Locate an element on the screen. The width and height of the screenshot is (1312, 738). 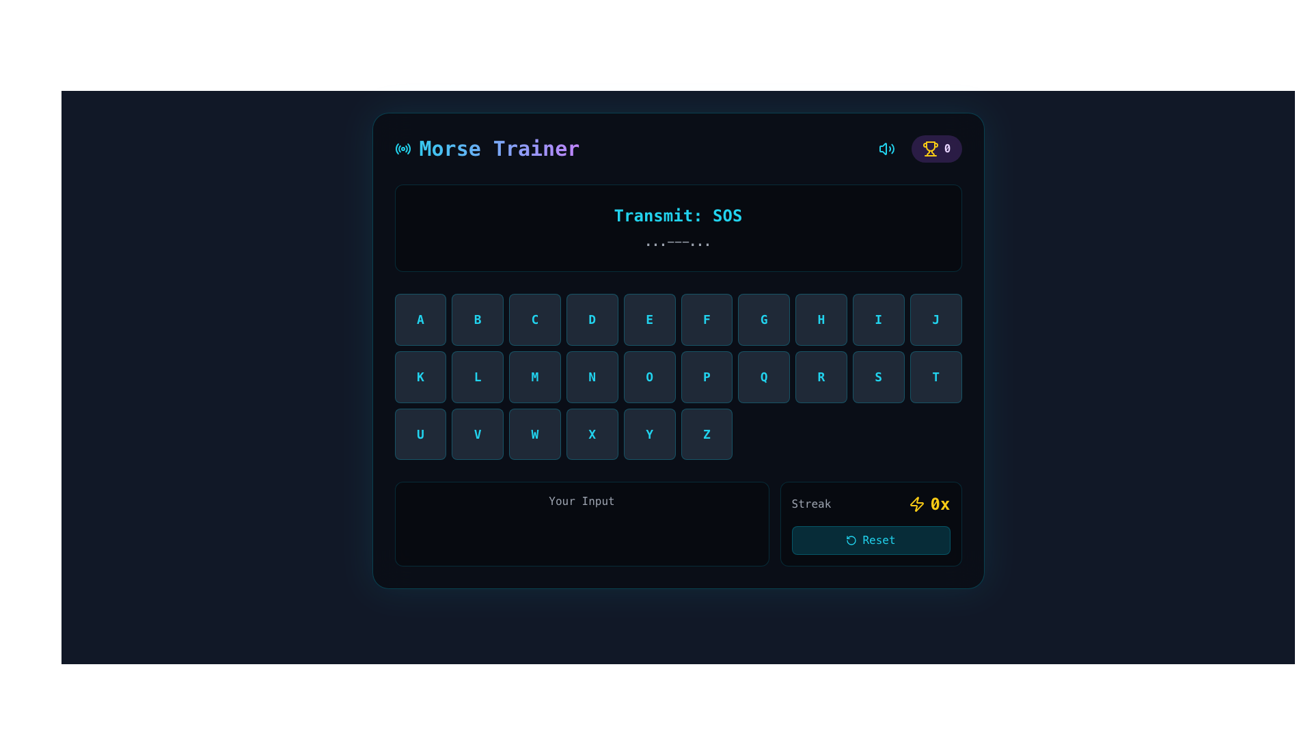
the lightning-shaped icon in neon yellow located at the bottom-right corner, near the '0x' indicator and 'Reset' button is located at coordinates (916, 504).